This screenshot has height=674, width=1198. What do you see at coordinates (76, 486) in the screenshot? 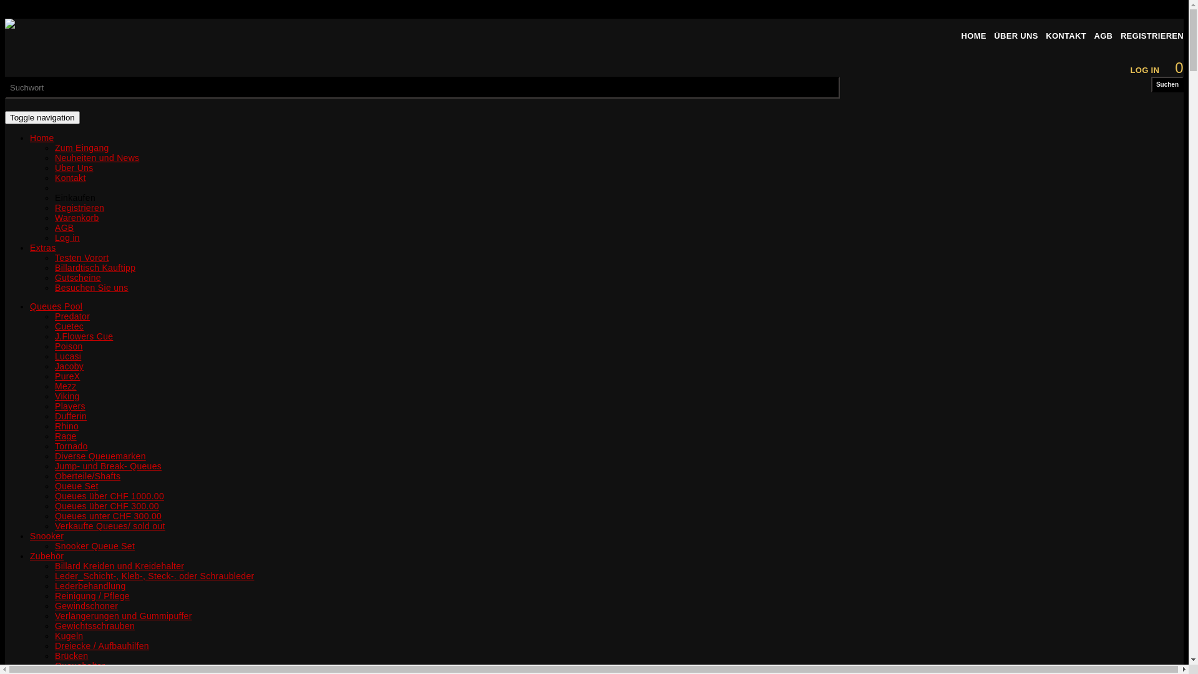
I see `'Queue Set'` at bounding box center [76, 486].